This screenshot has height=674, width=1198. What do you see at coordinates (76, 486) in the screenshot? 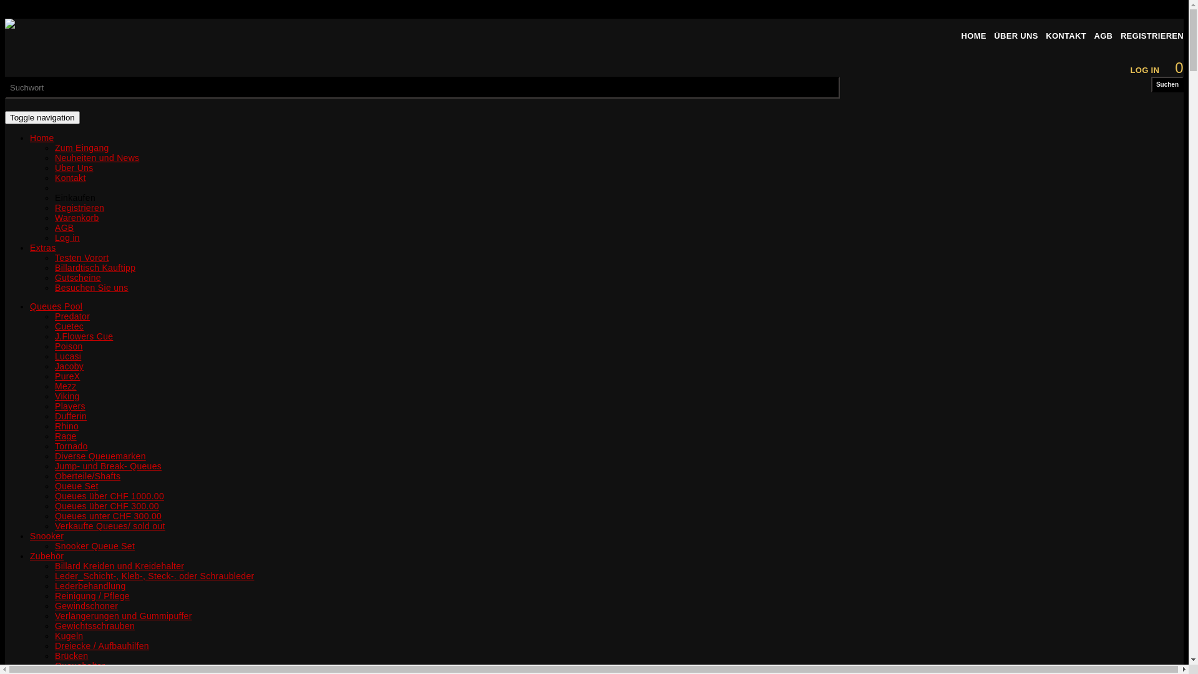
I see `'Queue Set'` at bounding box center [76, 486].